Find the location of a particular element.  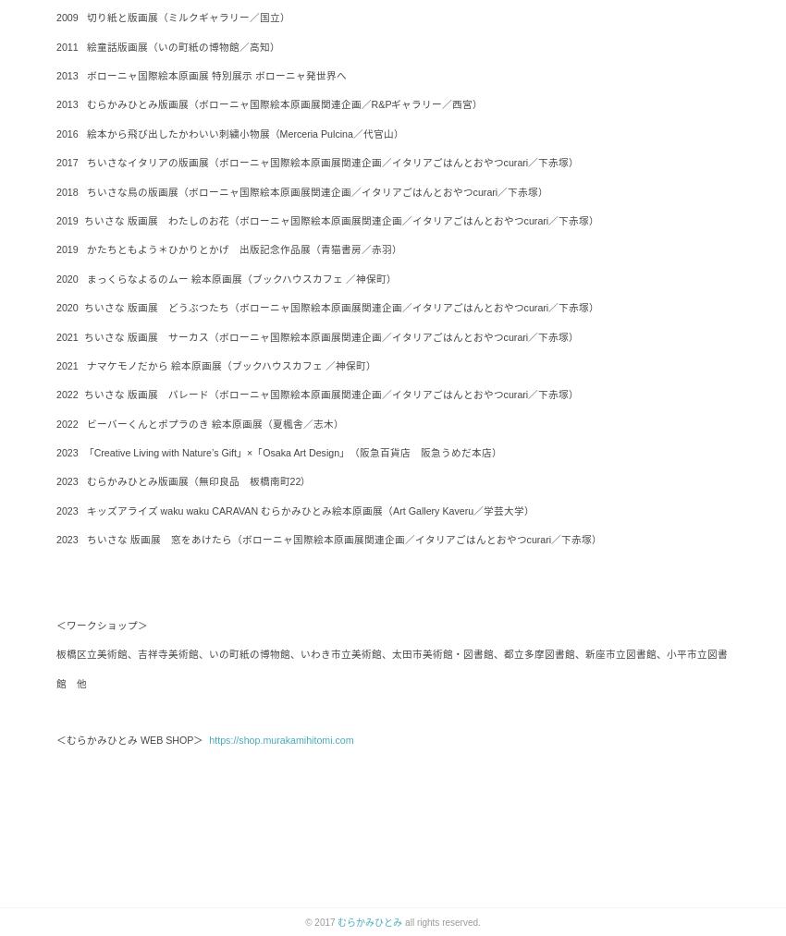

'https://shop.murakamihitomi.com' is located at coordinates (209, 739).